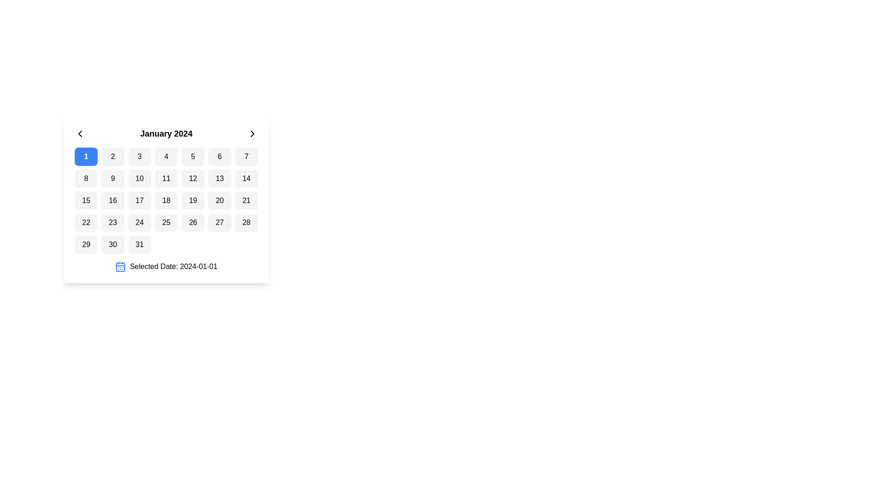 This screenshot has height=495, width=880. I want to click on the calendar date cell representing the date '9', so click(112, 178).